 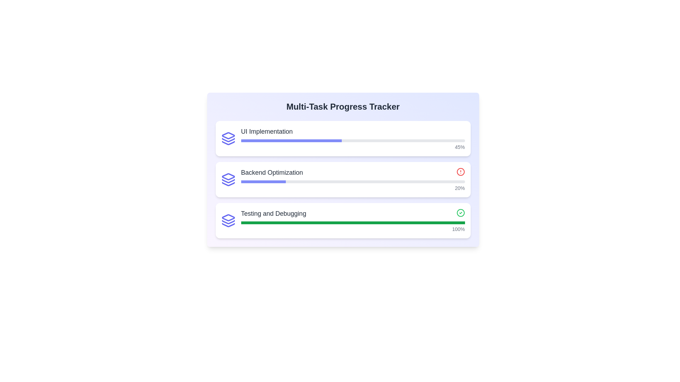 I want to click on the bottom layer icon of the 'Testing and Debugging' task, which visually represents a layer concept in the icon stack, so click(x=228, y=225).